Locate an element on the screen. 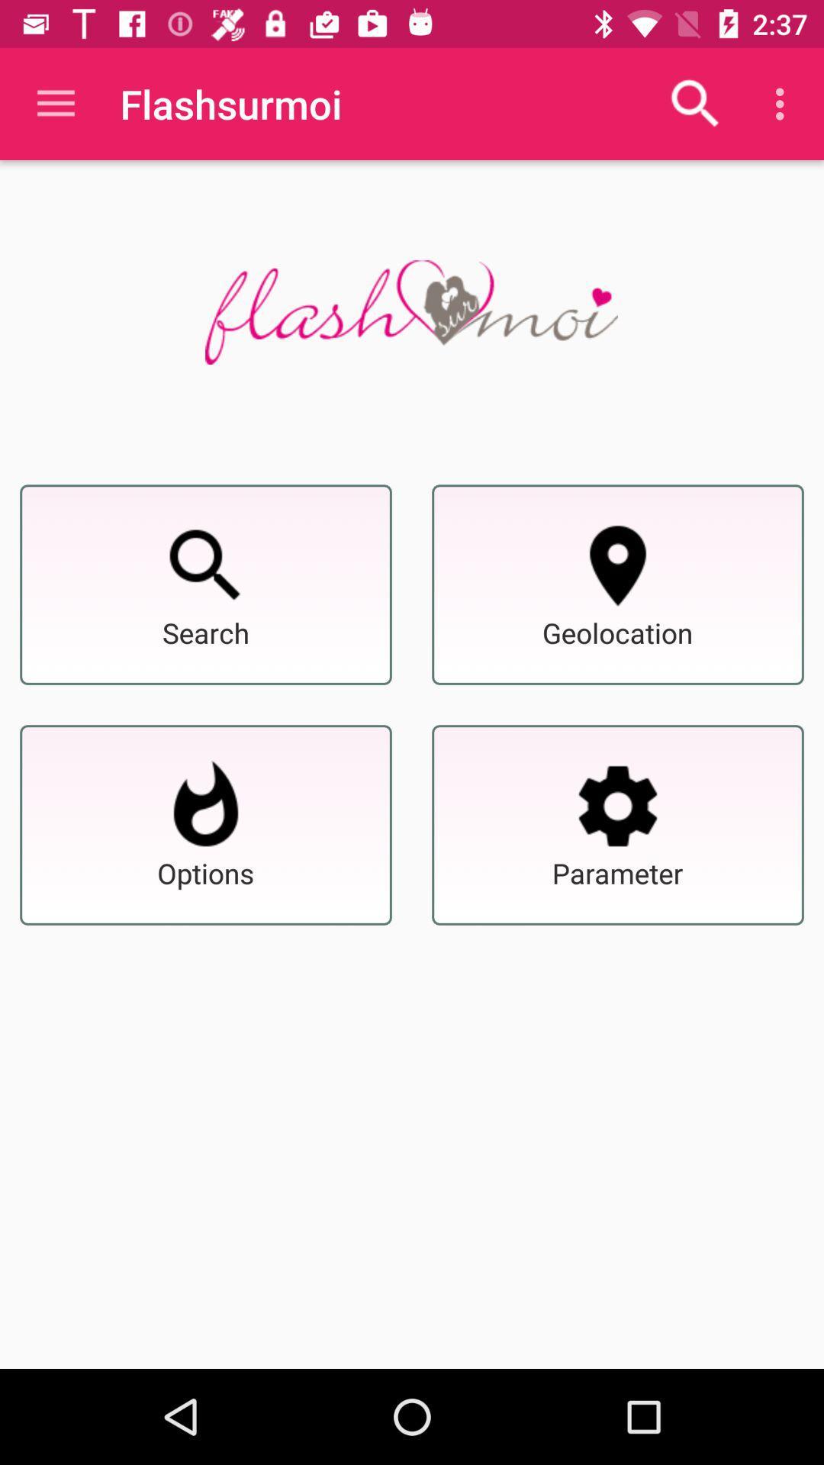 The height and width of the screenshot is (1465, 824). set the parameter is located at coordinates (618, 805).